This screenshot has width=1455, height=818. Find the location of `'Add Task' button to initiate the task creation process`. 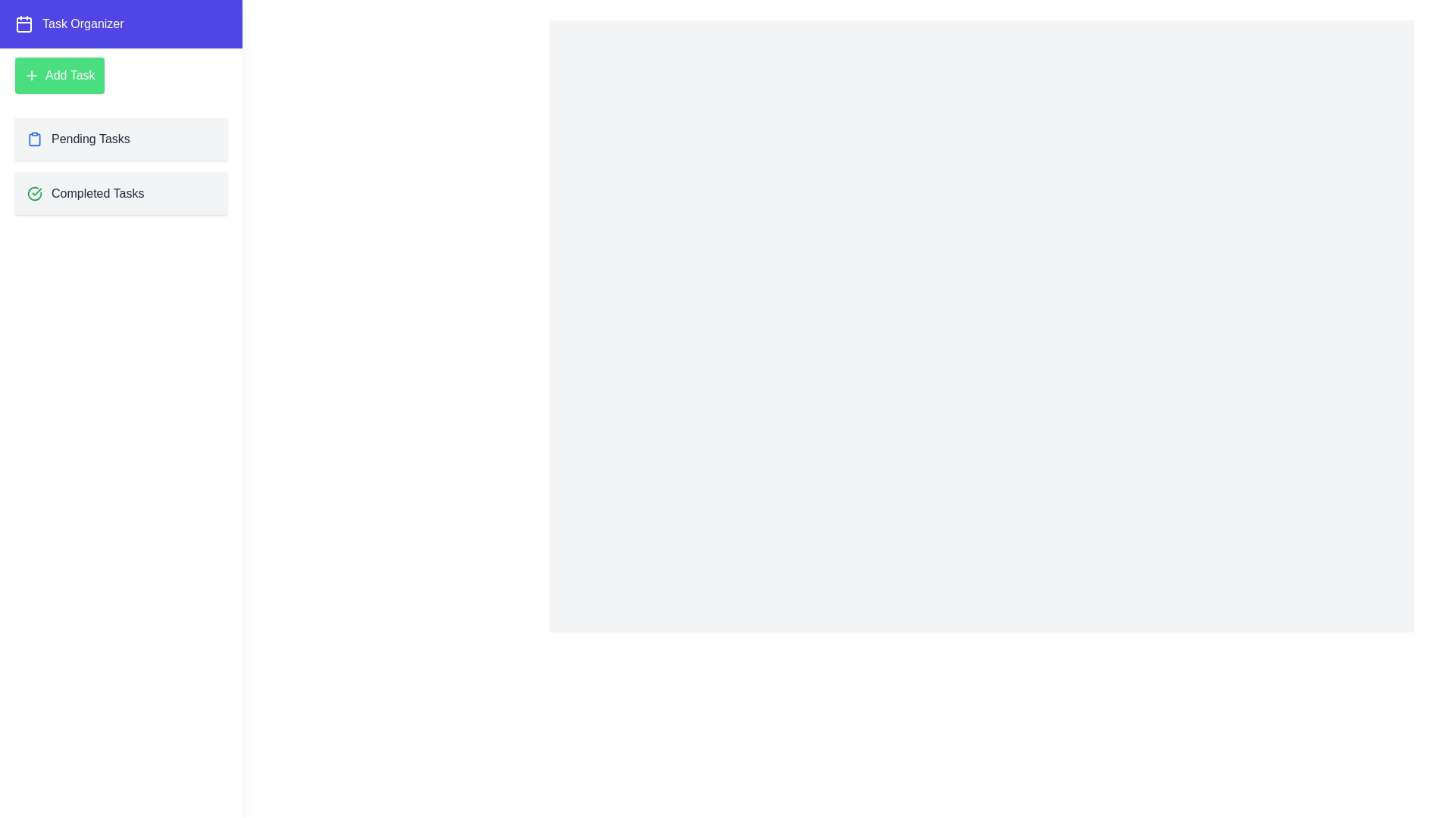

'Add Task' button to initiate the task creation process is located at coordinates (58, 76).